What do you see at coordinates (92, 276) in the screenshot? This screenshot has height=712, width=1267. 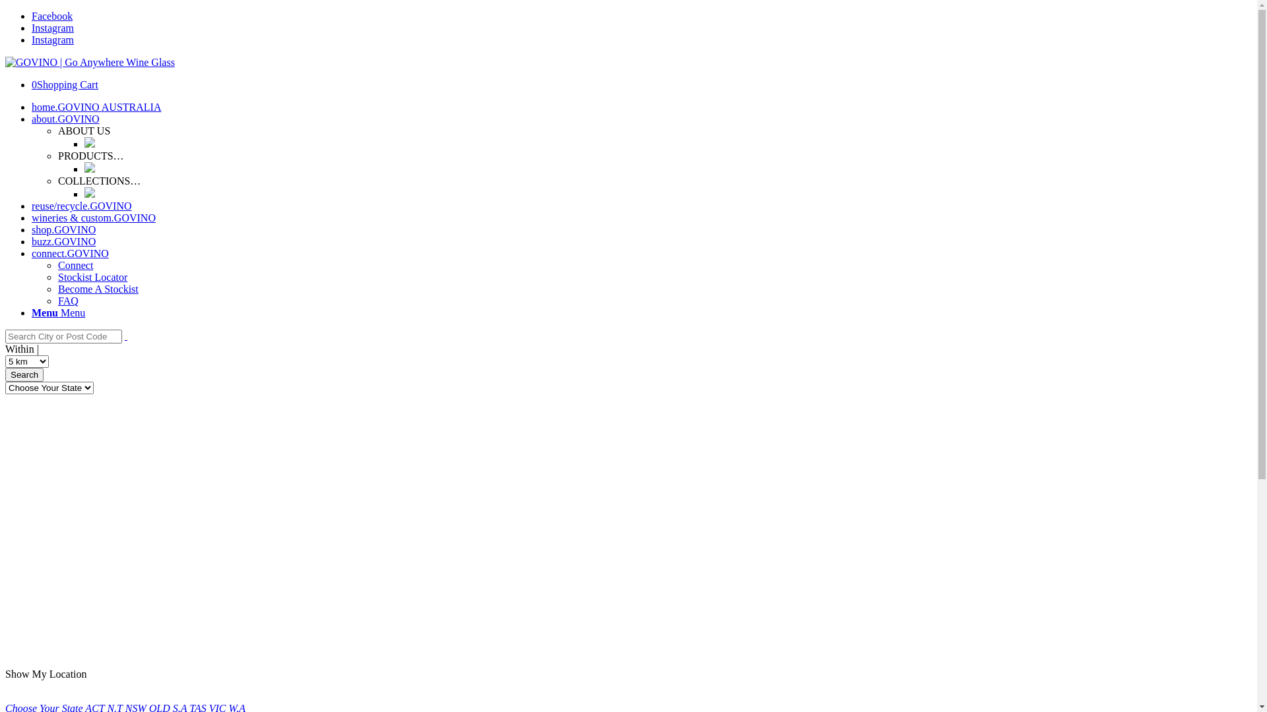 I see `'Stockist Locator'` at bounding box center [92, 276].